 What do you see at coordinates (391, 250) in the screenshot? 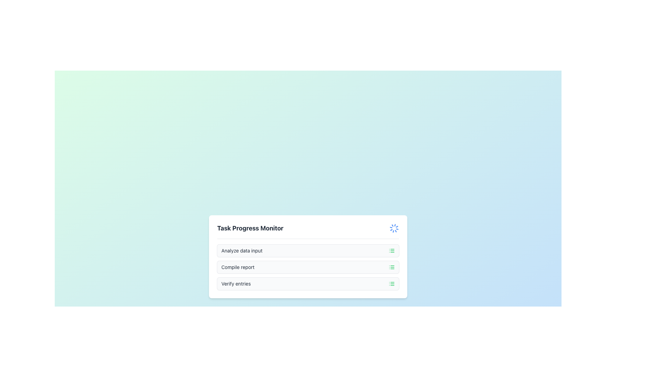
I see `the green list/menu icon located at the top-right corner of the 'Analyze data input' group box` at bounding box center [391, 250].